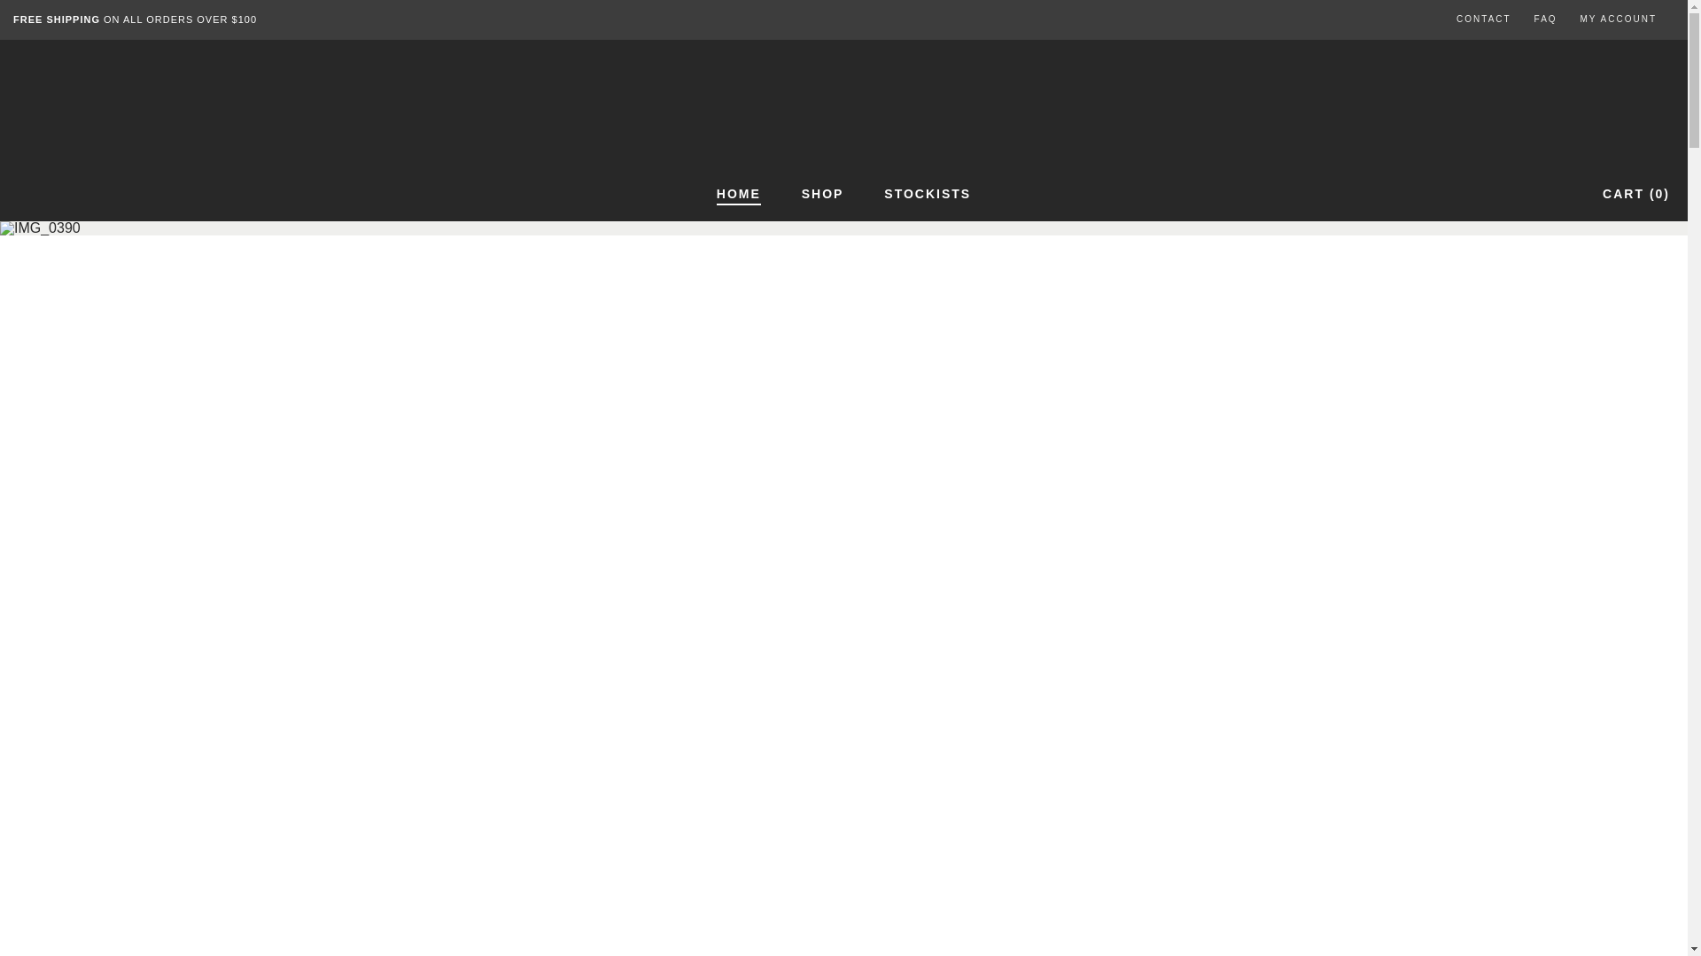 This screenshot has width=1701, height=956. Describe the element at coordinates (1635, 194) in the screenshot. I see `'CART (0)'` at that location.